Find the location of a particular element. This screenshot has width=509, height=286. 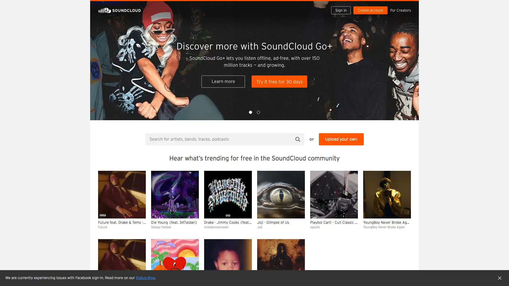

Search is located at coordinates (323, 6).